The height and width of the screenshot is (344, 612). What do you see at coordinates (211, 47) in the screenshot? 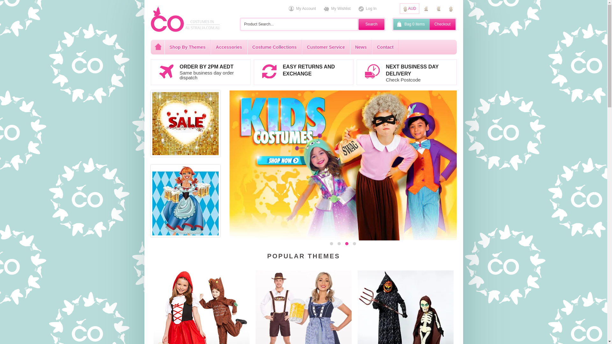
I see `'Accessories'` at bounding box center [211, 47].